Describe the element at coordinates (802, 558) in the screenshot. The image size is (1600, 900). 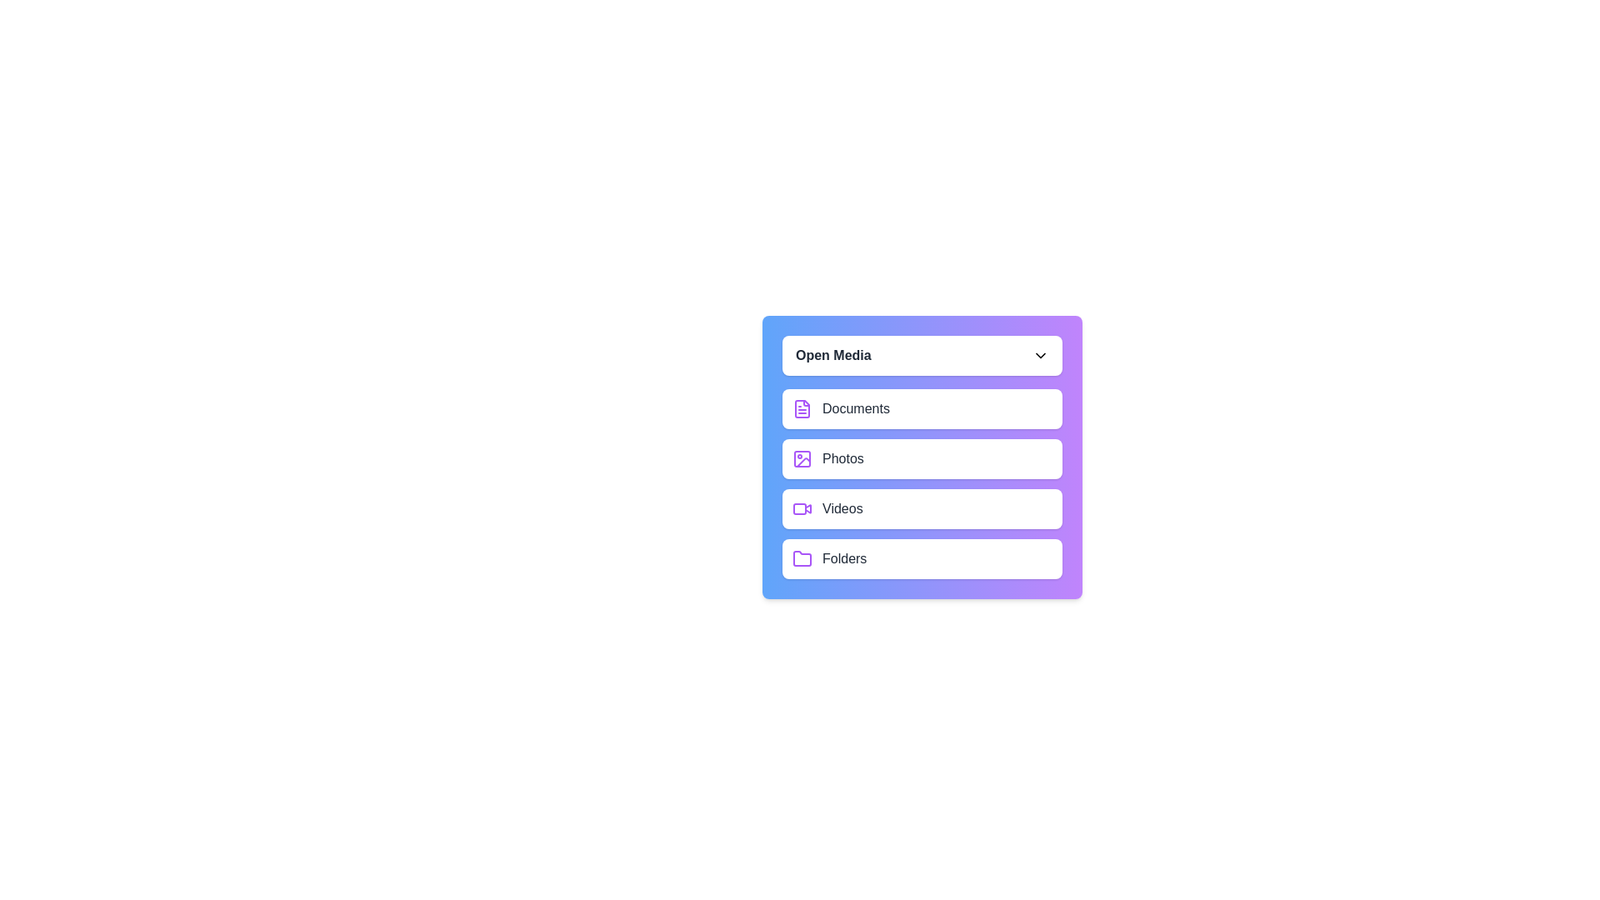
I see `the folder icon located to the left of the 'Folders' text in the 'Open Media' dropdown menu` at that location.